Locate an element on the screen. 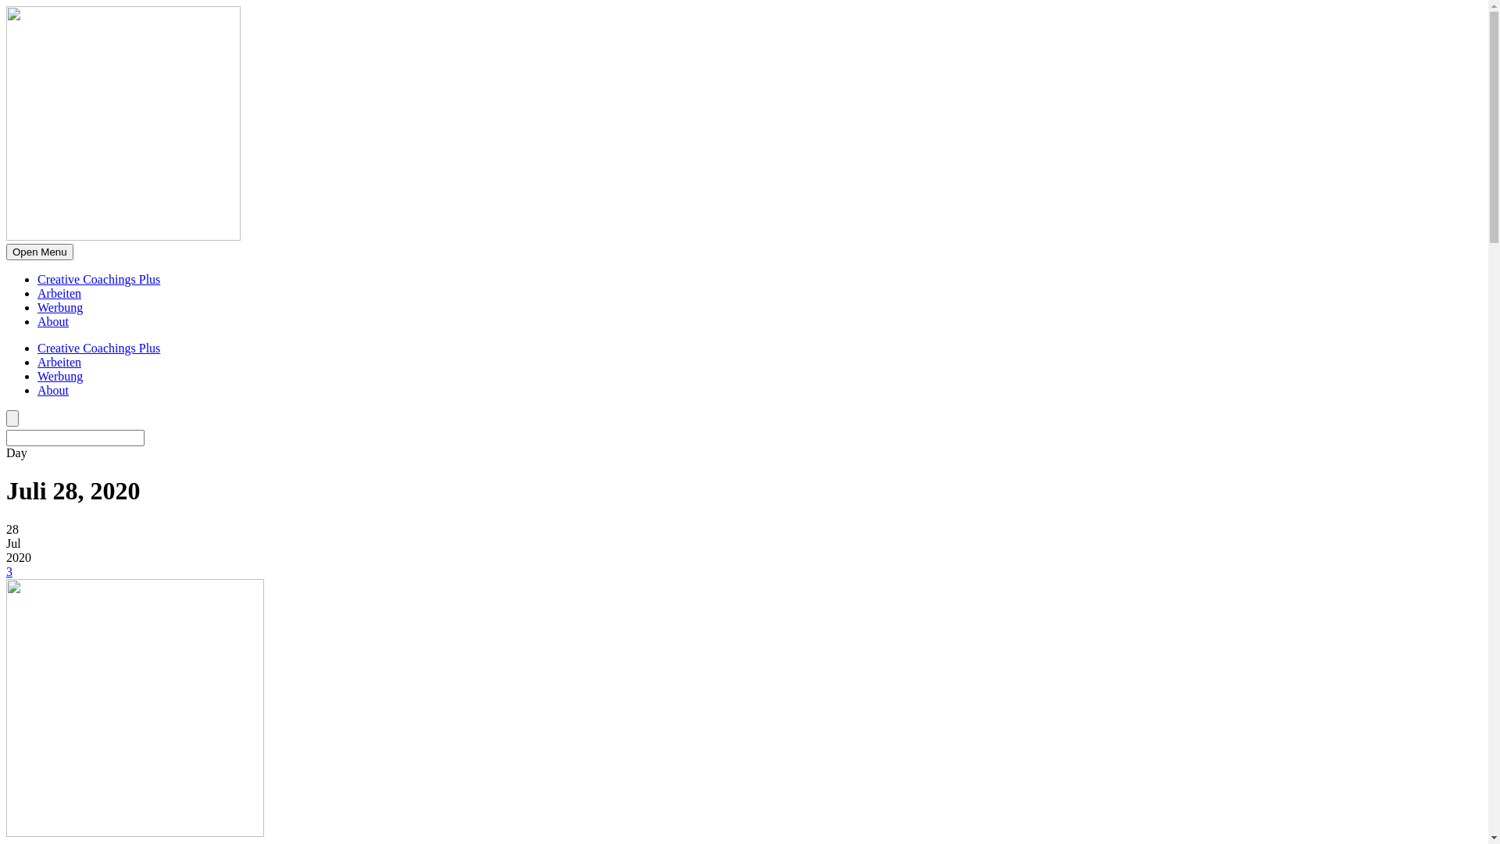  'Arbeiten' is located at coordinates (59, 293).